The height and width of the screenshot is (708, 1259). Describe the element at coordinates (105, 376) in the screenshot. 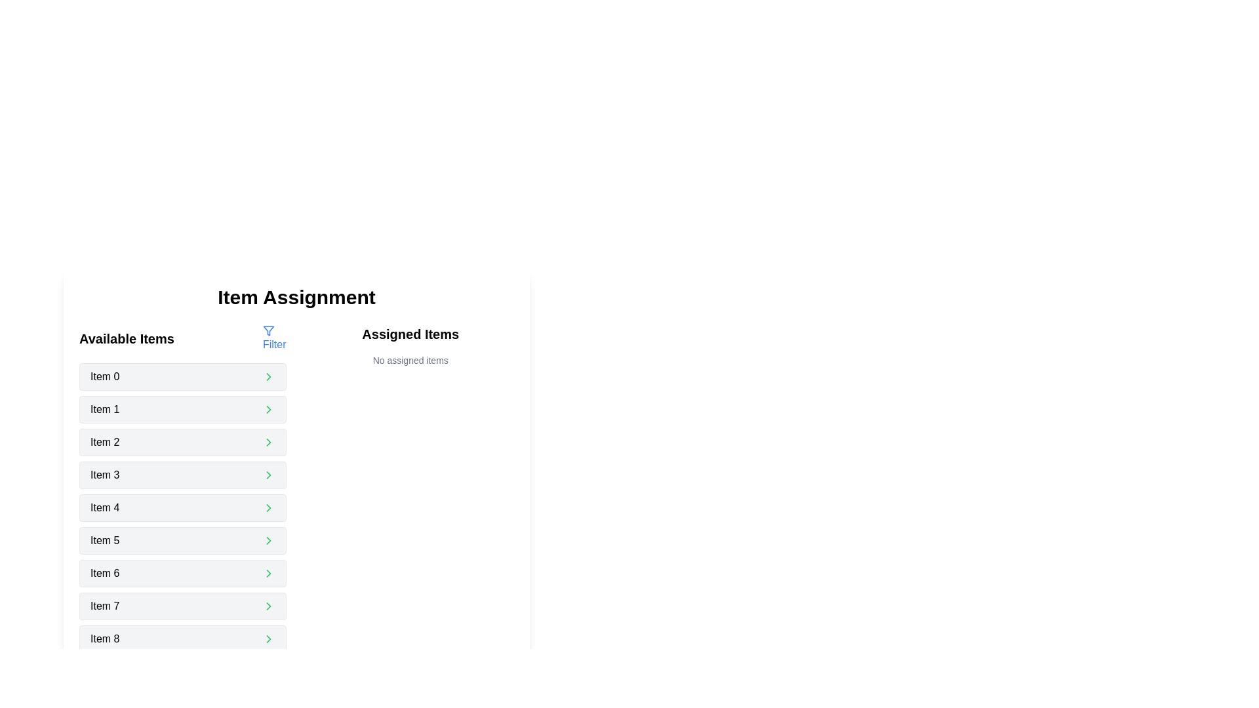

I see `the text label displaying 'Item 0' in bold black font, which is the first item in the vertical list under 'Available Items'` at that location.